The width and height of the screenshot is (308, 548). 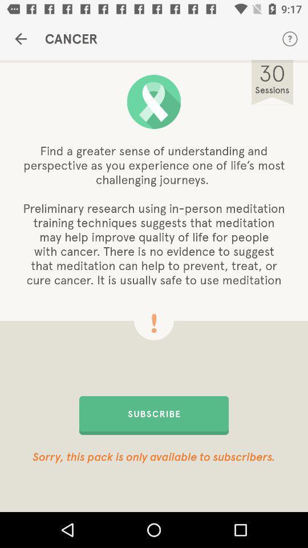 I want to click on the subscribe icon, so click(x=154, y=414).